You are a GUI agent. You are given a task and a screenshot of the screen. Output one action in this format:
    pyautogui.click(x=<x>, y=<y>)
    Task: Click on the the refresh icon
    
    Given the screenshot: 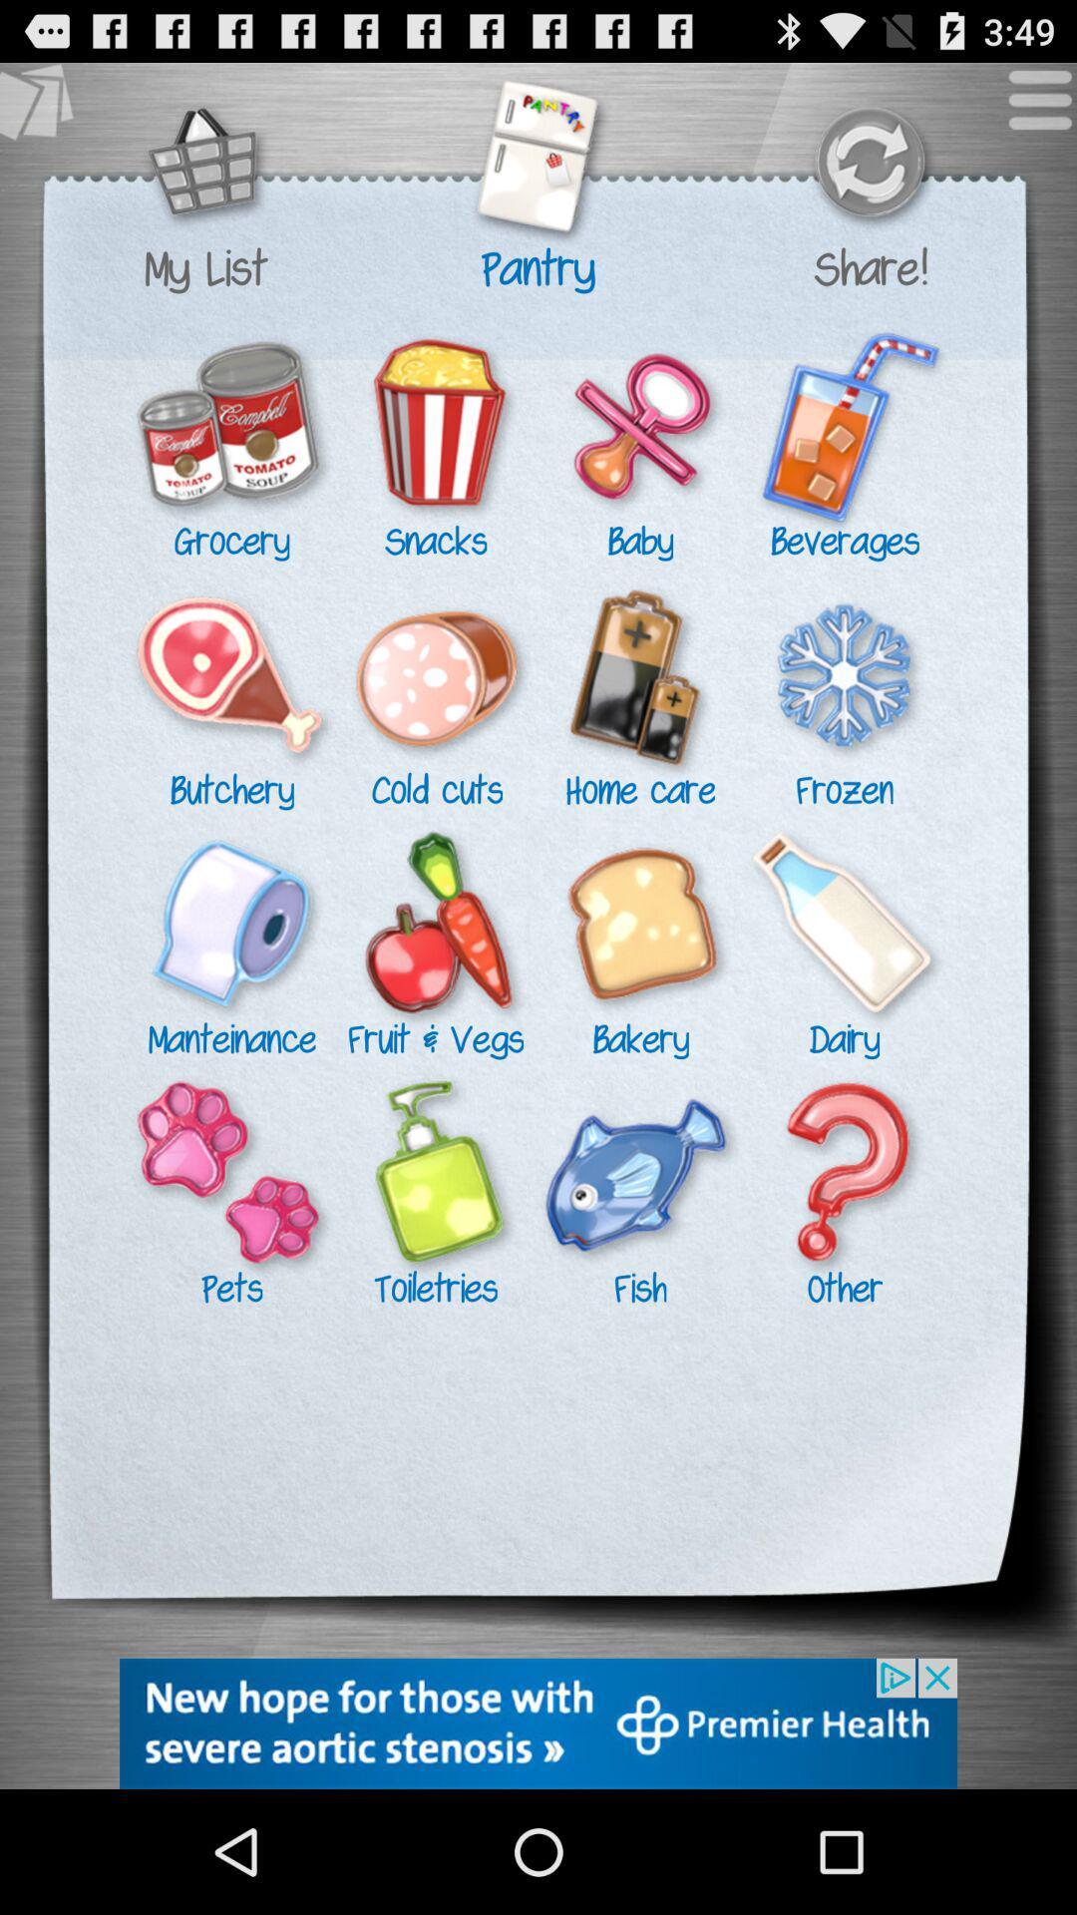 What is the action you would take?
    pyautogui.click(x=869, y=177)
    